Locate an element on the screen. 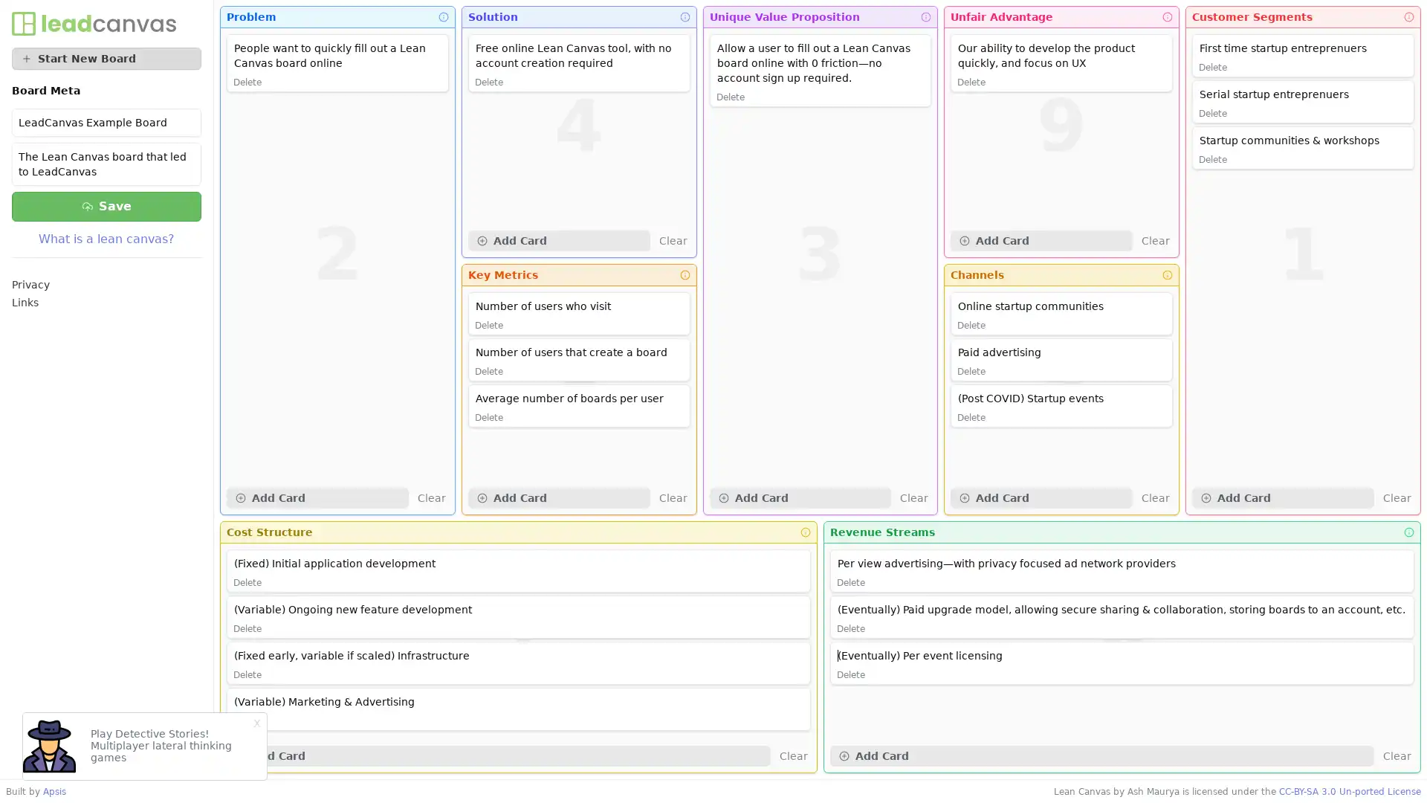  What is a lean canvas? is located at coordinates (106, 238).